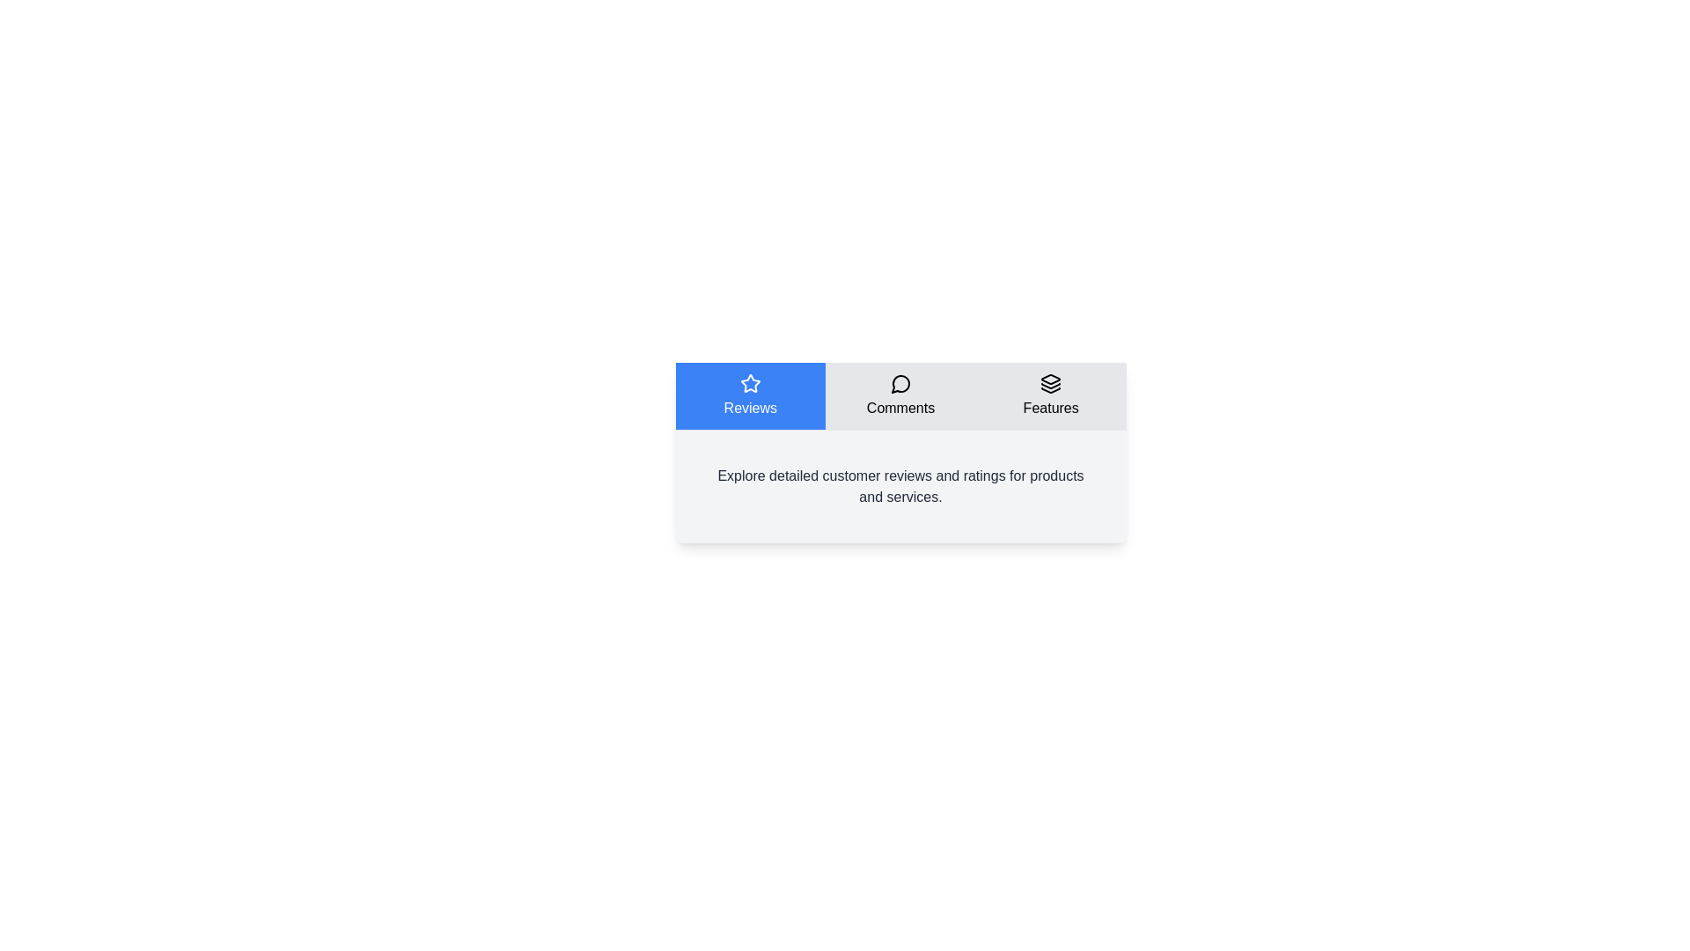  Describe the element at coordinates (749, 396) in the screenshot. I see `the Reviews tab to read its content` at that location.